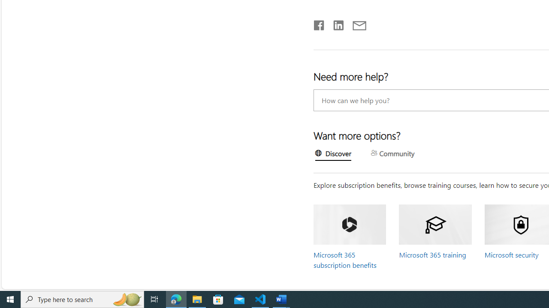  I want to click on 'Share on LinkedIn', so click(334, 23).